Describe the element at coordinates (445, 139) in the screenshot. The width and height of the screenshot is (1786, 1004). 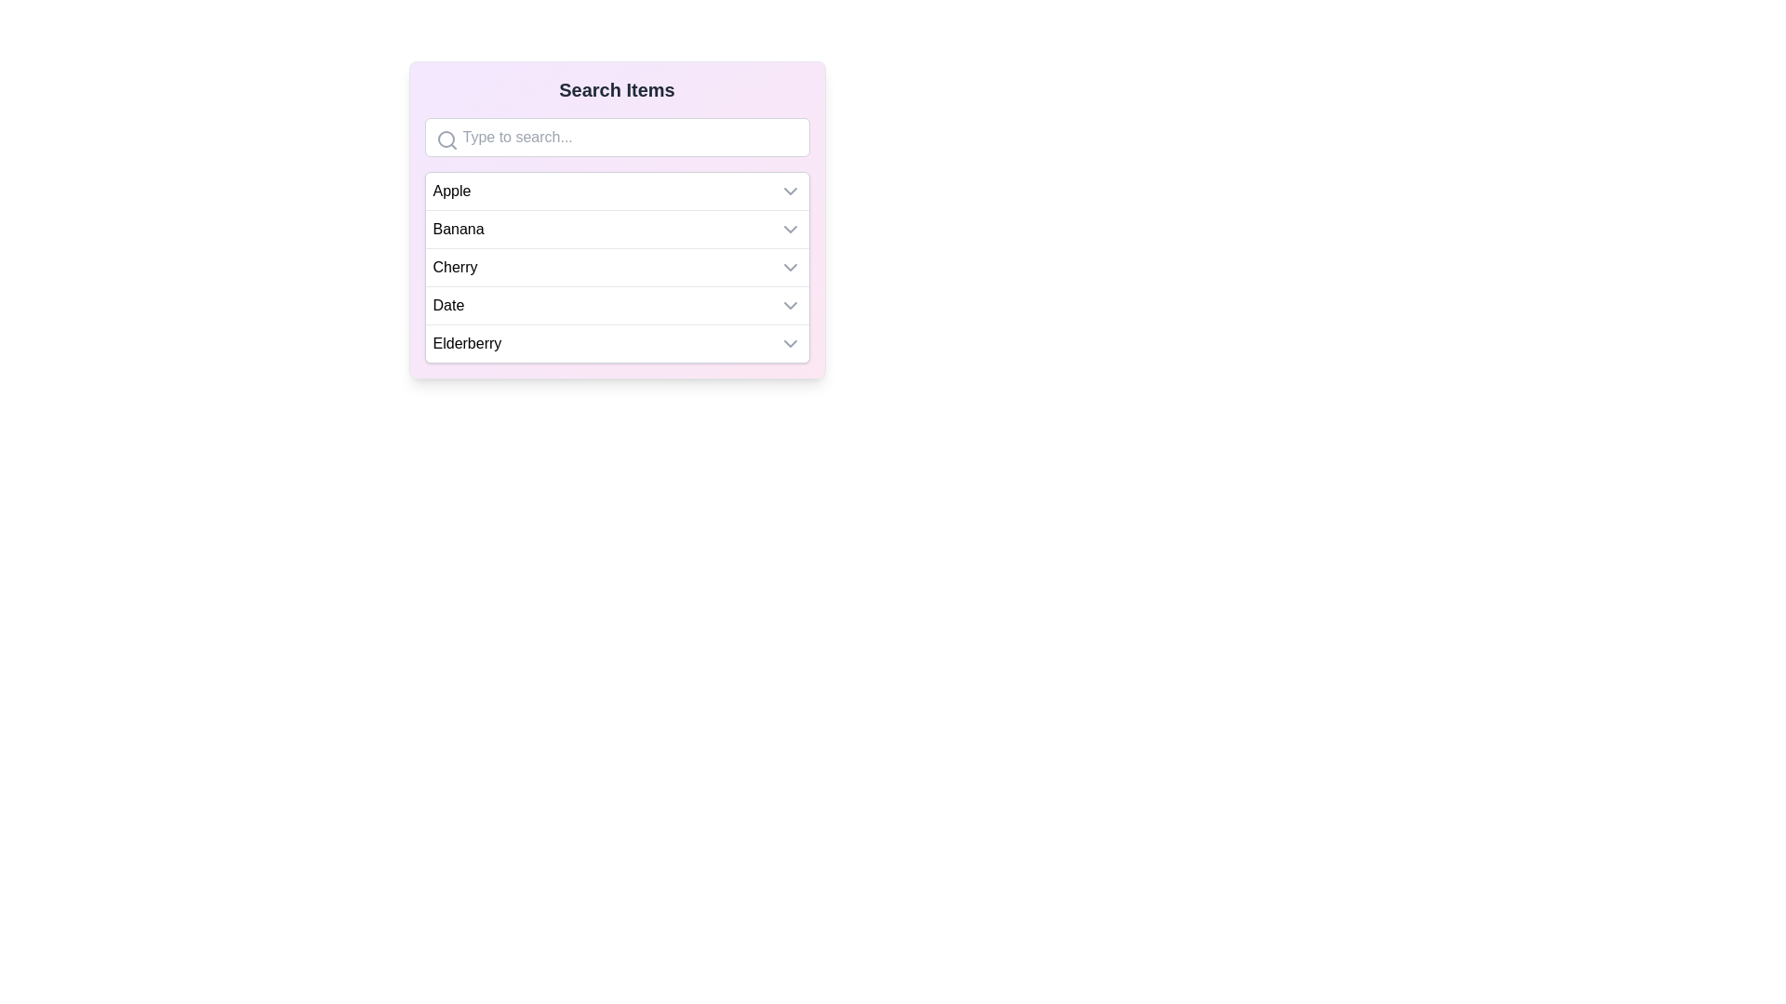
I see `the circular portion of the magnifying glass icon, which represents the search function, located to the left of the input field labeled 'Type to search...'` at that location.